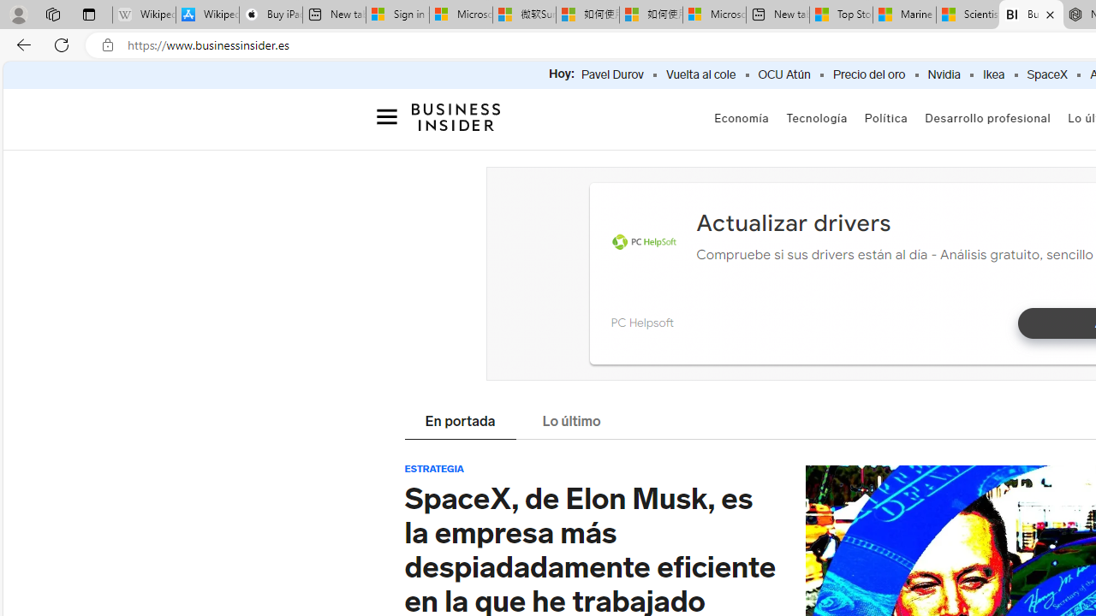 The height and width of the screenshot is (616, 1096). What do you see at coordinates (943, 74) in the screenshot?
I see `'Nvidia'` at bounding box center [943, 74].